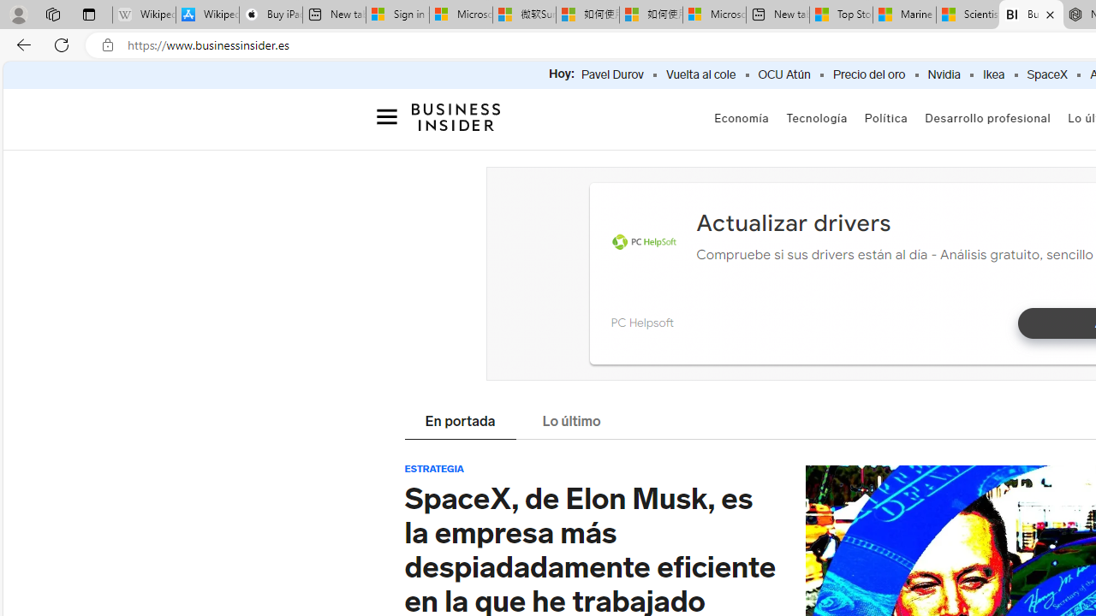 The height and width of the screenshot is (616, 1096). What do you see at coordinates (943, 74) in the screenshot?
I see `'Nvidia'` at bounding box center [943, 74].